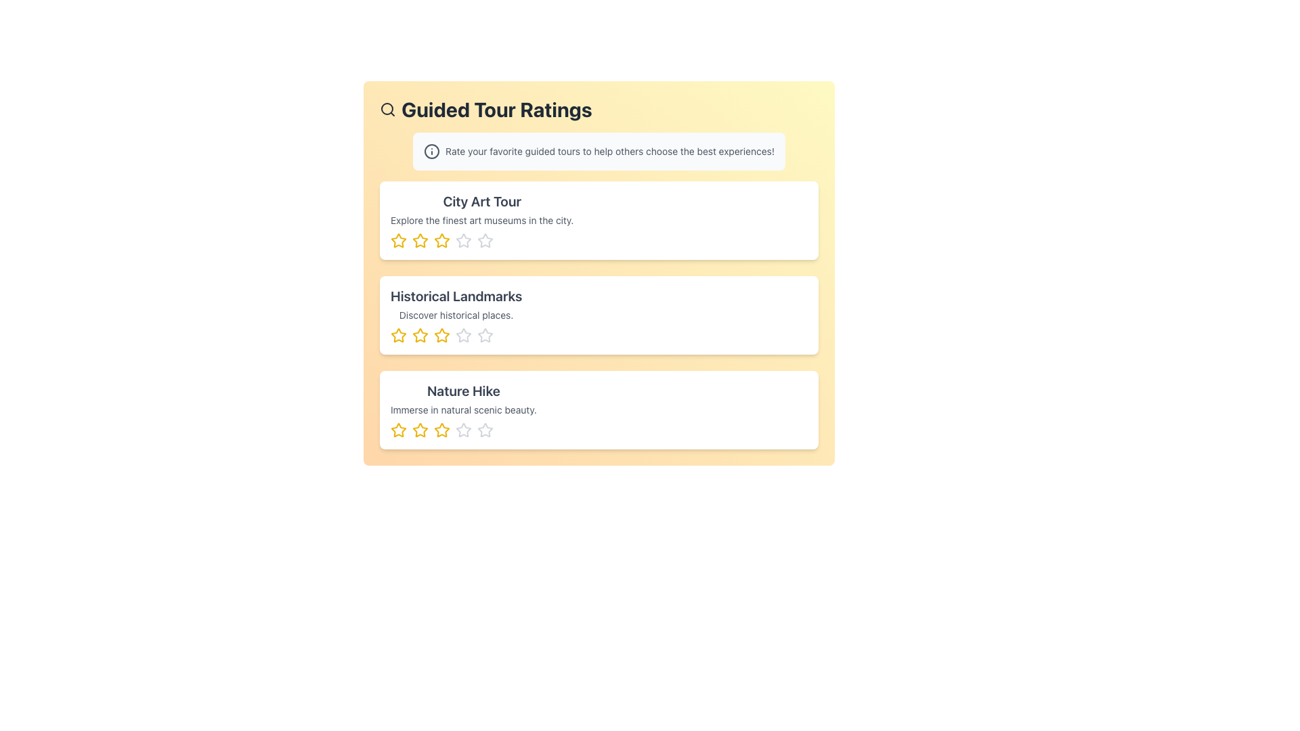  What do you see at coordinates (398, 430) in the screenshot?
I see `the first Rating Star Icon for the 'Nature Hike' guided tour to set or change the rating` at bounding box center [398, 430].